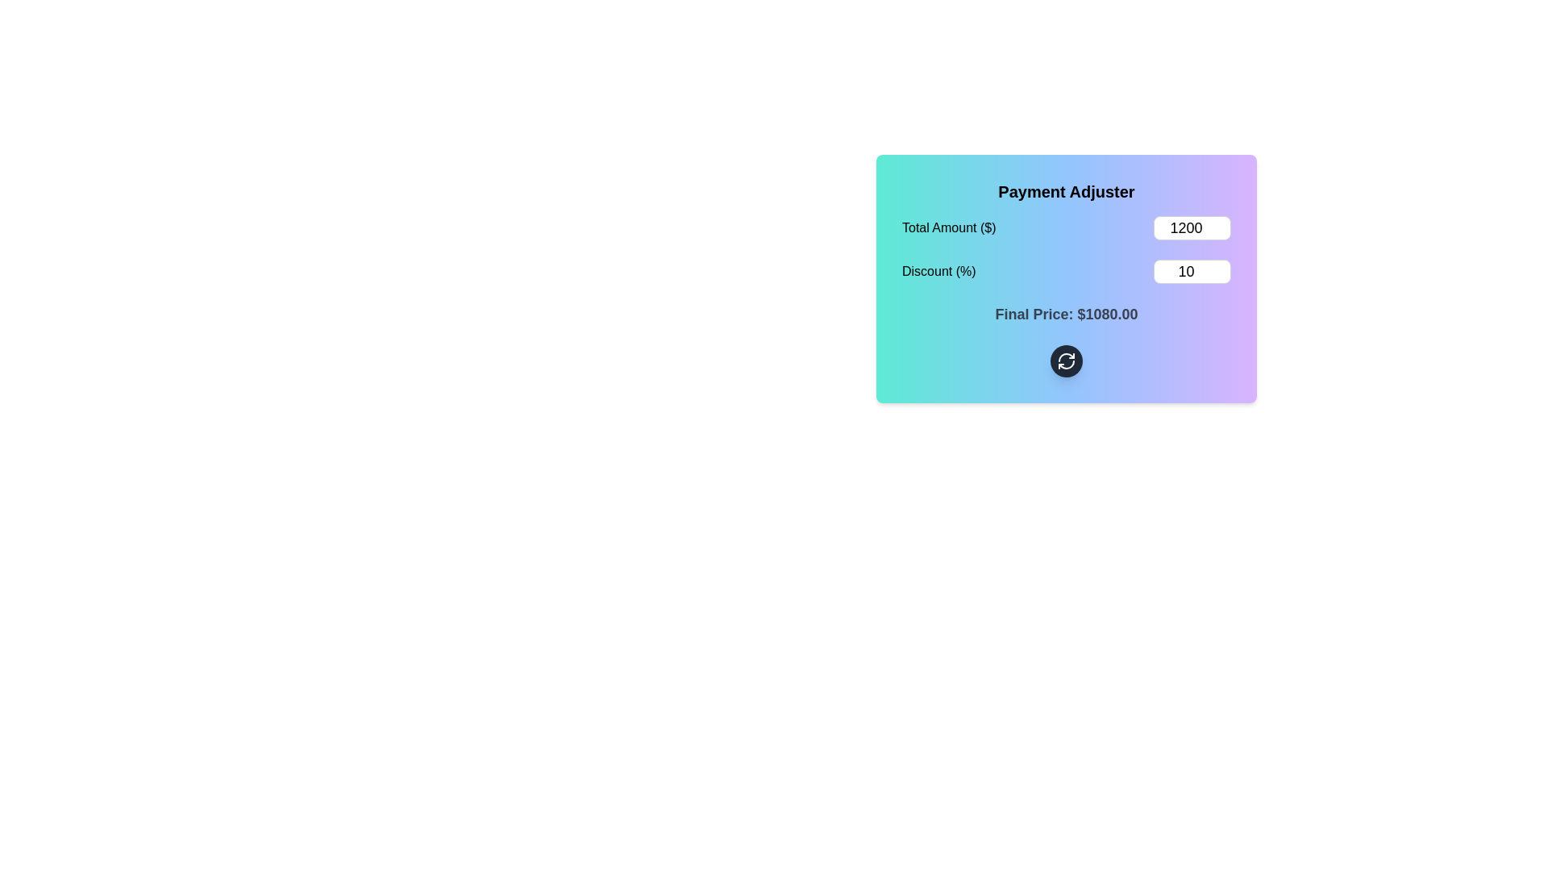  I want to click on the refresh or reset button located at the bottom center of the 'Payment Adjuster' interface, so click(1067, 360).